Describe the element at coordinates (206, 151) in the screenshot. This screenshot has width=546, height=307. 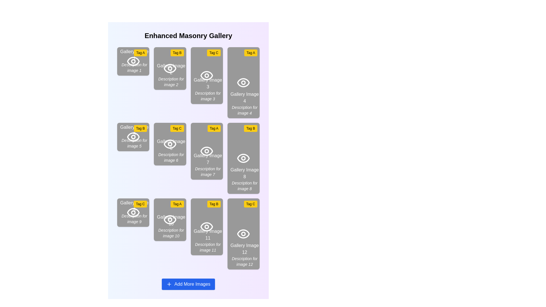
I see `the eye icon in the middle of the card labeled 'Gallery Image 7'` at that location.